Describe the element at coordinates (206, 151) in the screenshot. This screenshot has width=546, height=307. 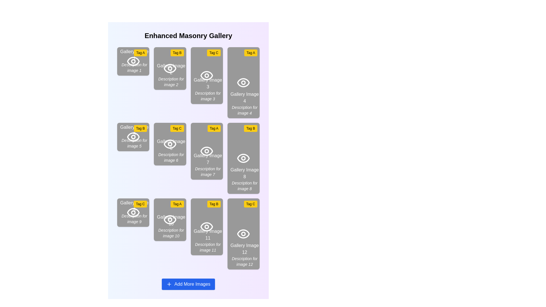
I see `the eye icon in the middle of the card labeled 'Gallery Image 7'` at that location.